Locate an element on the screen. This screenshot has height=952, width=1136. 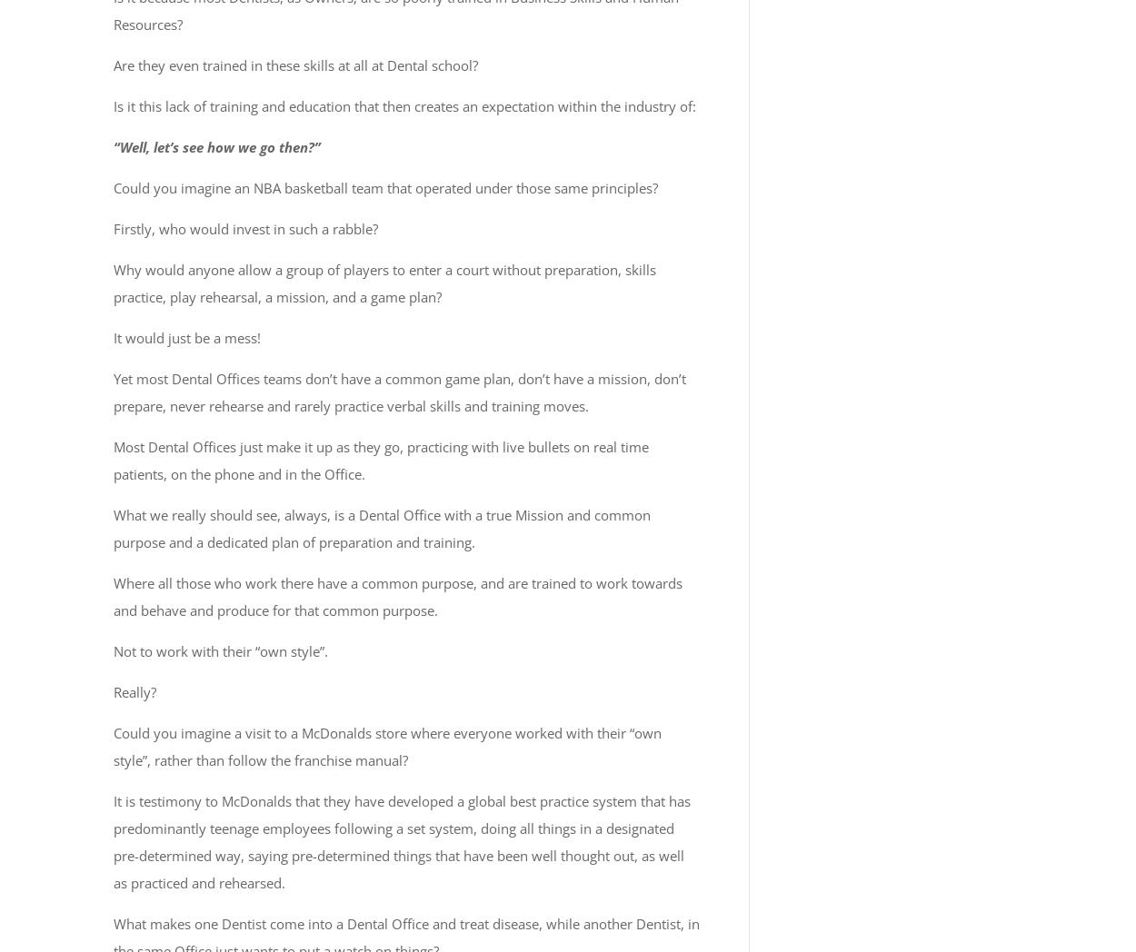
'“Well, let’s see how we go then?”' is located at coordinates (216, 147).